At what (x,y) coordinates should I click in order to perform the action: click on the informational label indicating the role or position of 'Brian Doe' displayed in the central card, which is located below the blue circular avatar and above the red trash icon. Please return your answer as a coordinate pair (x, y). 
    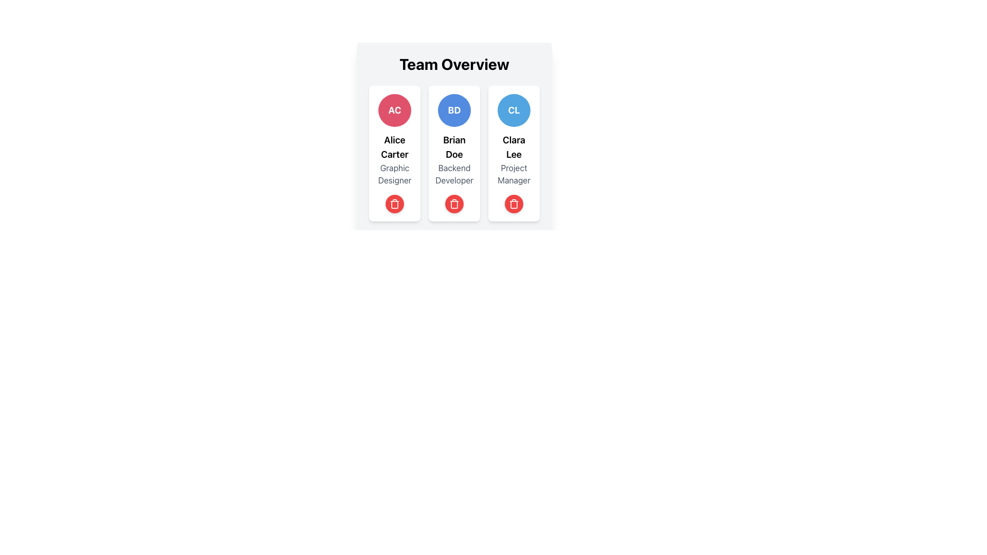
    Looking at the image, I should click on (453, 174).